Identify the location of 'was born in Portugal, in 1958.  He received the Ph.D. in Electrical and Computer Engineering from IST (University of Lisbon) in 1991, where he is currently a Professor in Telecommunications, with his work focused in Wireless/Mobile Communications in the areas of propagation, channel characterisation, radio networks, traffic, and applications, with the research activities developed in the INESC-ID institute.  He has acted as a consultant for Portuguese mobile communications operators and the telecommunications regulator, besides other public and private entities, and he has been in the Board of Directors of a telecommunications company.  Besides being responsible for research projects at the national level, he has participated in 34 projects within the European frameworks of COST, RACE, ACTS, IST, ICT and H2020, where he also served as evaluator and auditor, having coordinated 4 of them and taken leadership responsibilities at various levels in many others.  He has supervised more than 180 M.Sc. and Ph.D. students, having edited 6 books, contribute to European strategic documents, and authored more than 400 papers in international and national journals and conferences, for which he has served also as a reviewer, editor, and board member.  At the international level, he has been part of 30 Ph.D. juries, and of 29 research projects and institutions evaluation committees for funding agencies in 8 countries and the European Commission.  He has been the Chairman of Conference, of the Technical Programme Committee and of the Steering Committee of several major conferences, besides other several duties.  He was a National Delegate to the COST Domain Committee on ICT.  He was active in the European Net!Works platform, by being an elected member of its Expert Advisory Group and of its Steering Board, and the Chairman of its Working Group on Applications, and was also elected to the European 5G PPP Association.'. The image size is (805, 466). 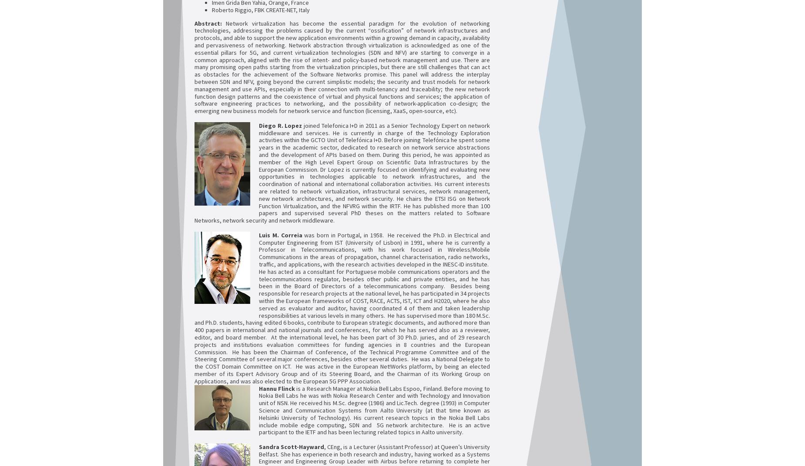
(194, 307).